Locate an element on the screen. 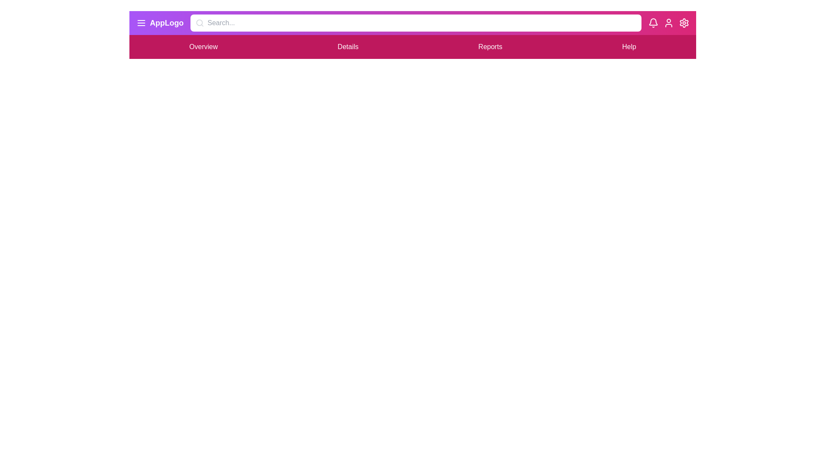  the user icon to access user settings is located at coordinates (668, 23).